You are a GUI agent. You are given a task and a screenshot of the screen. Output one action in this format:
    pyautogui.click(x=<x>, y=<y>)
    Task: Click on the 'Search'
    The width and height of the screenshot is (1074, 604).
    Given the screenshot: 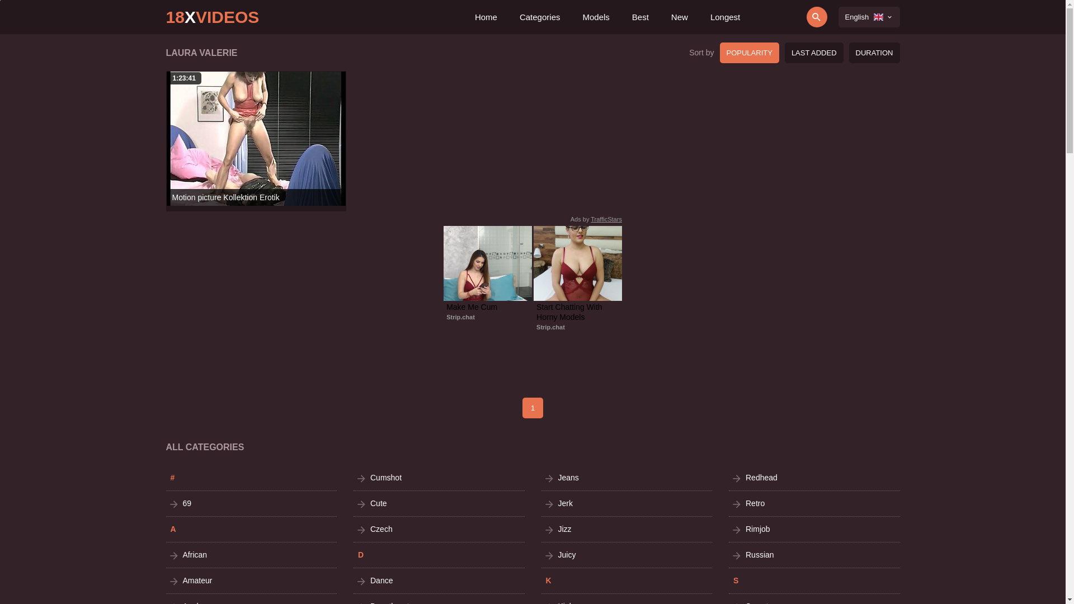 What is the action you would take?
    pyautogui.click(x=784, y=17)
    